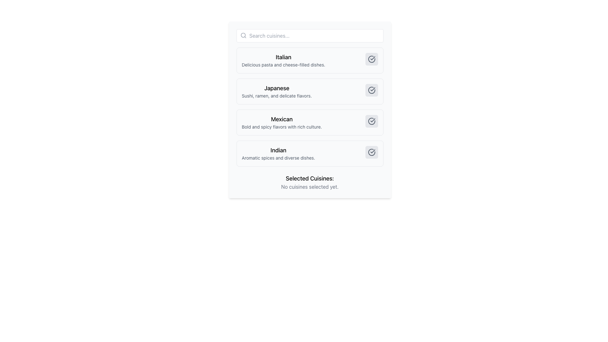 This screenshot has width=608, height=342. Describe the element at coordinates (310, 60) in the screenshot. I see `the first selectable list item titled 'Italian', which features a bold title and a description about delicious pasta dishes, located at the top of the cuisine options list` at that location.